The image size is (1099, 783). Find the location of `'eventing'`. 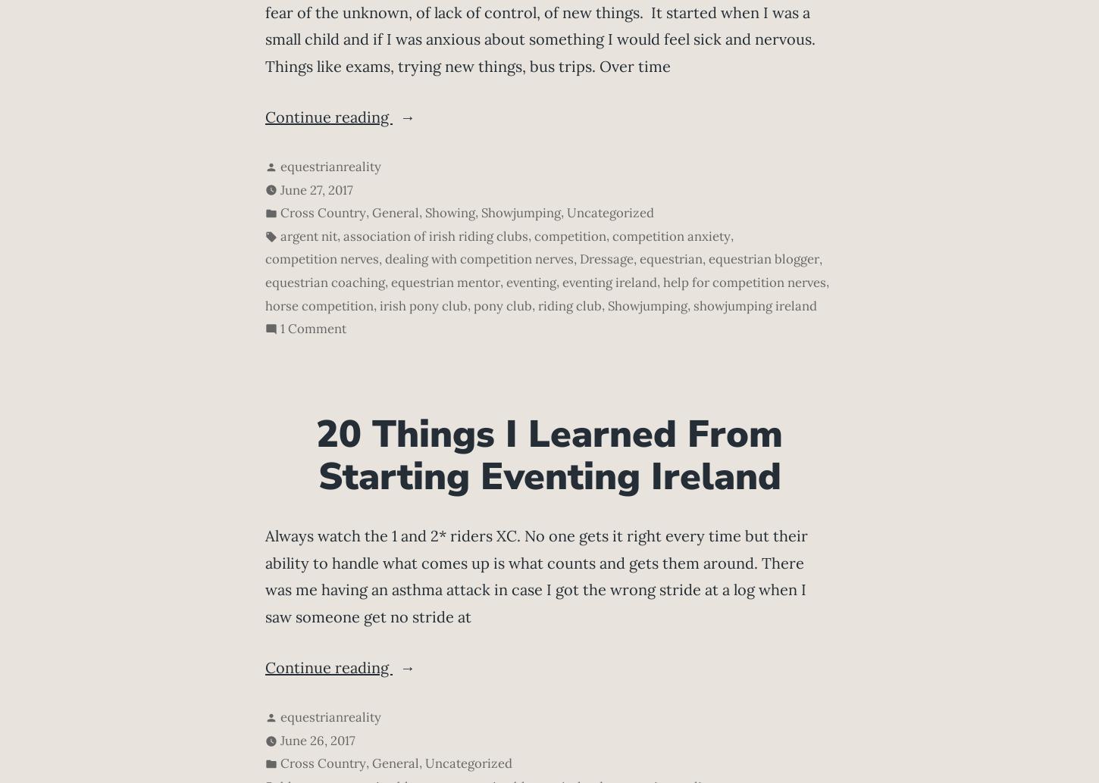

'eventing' is located at coordinates (530, 281).